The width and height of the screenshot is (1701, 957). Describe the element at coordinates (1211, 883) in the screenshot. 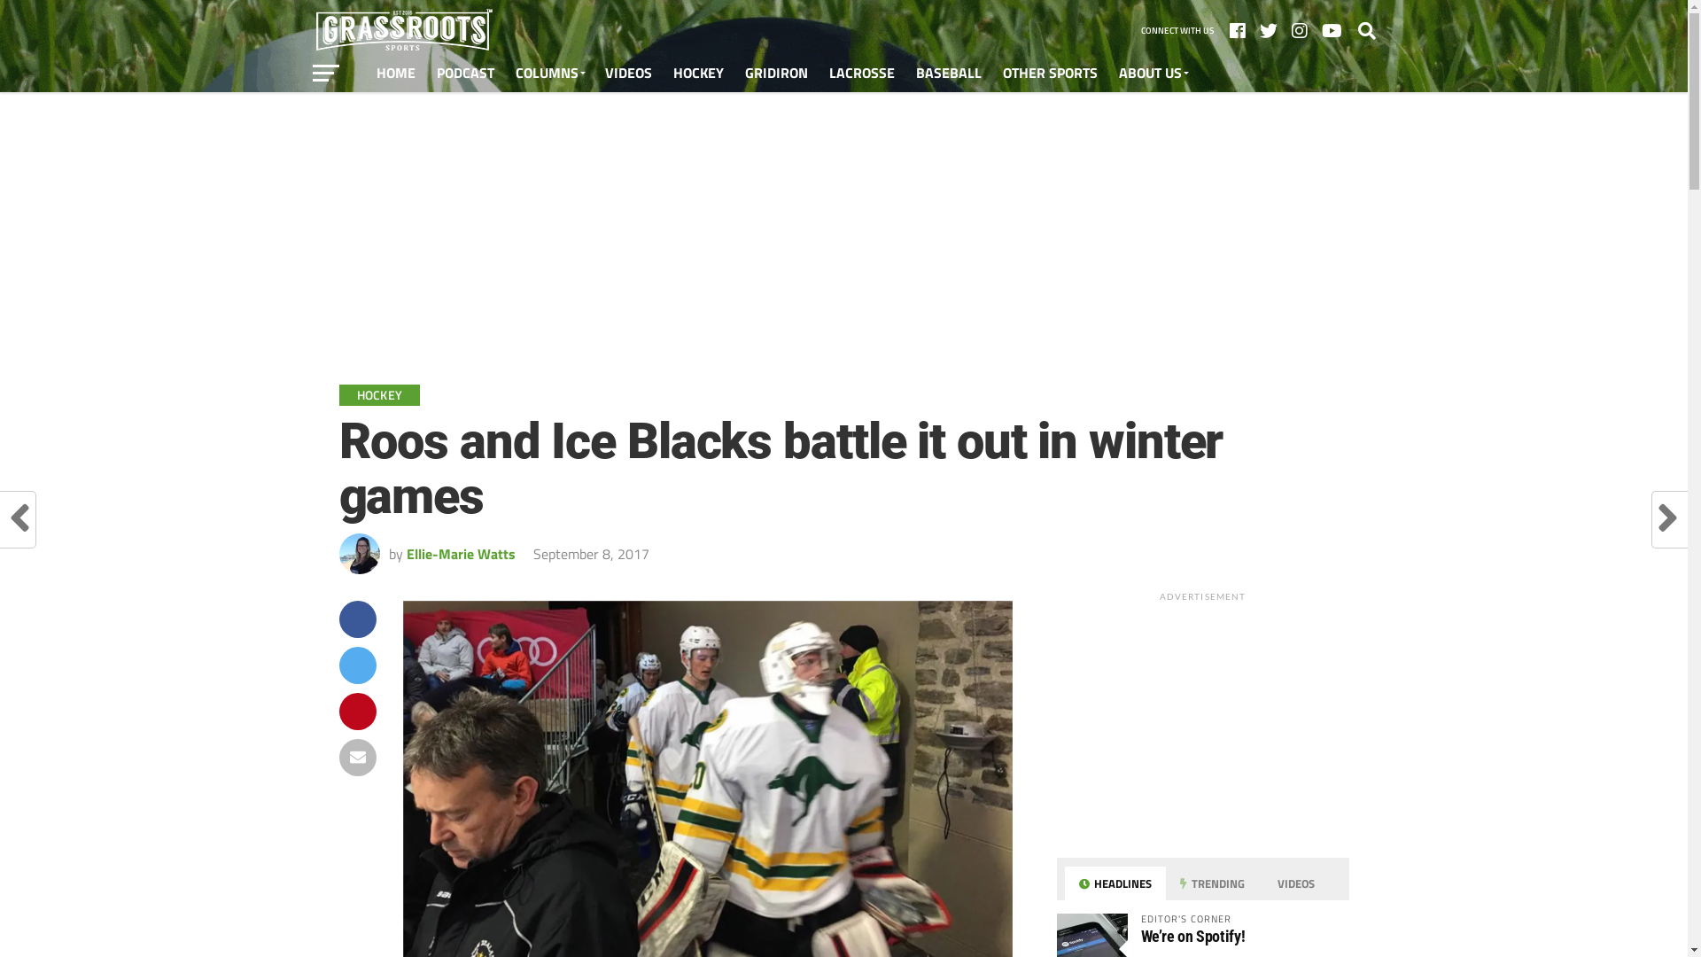

I see `'TRENDING'` at that location.